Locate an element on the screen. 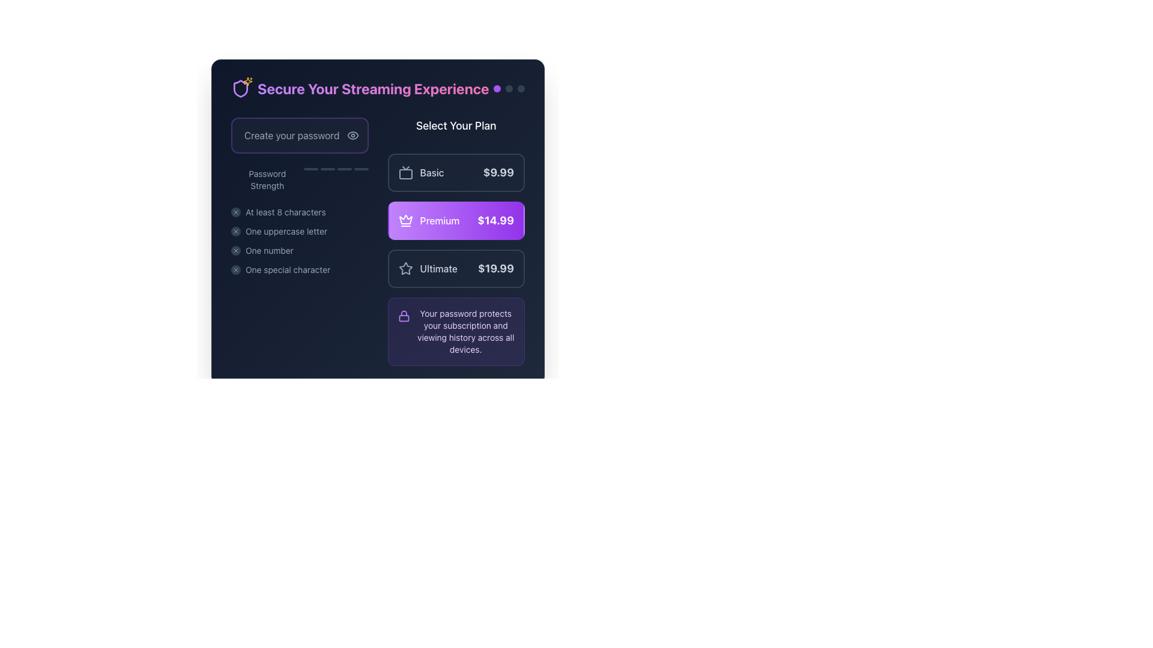 This screenshot has width=1153, height=648. text displayed in the label showing the price '$14.99' which is located to the right of the 'Premium' option in the subscription plan selector is located at coordinates (495, 220).